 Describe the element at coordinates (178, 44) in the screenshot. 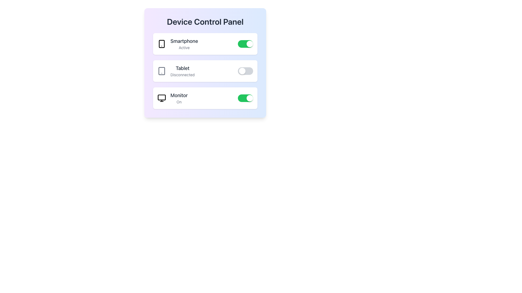

I see `the composite information display element labeled 'Smartphone' that shows an active status with a smartphone icon on the left` at that location.